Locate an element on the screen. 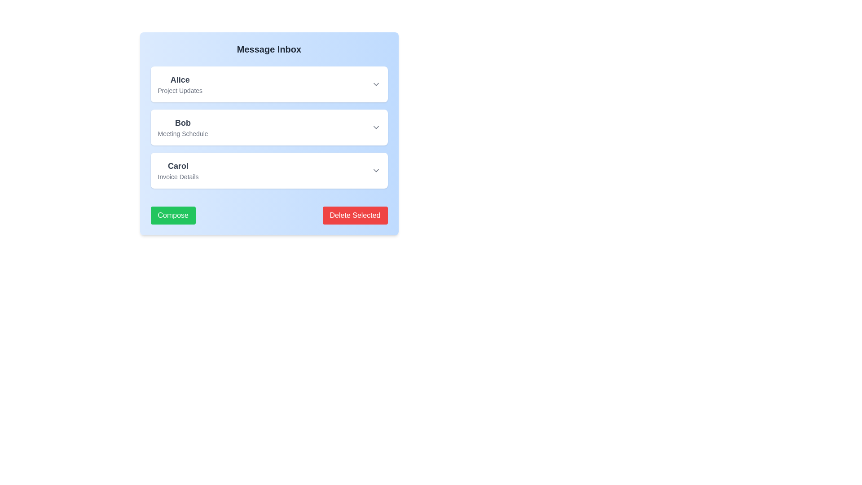 This screenshot has height=485, width=862. the 'Compose' button is located at coordinates (173, 215).